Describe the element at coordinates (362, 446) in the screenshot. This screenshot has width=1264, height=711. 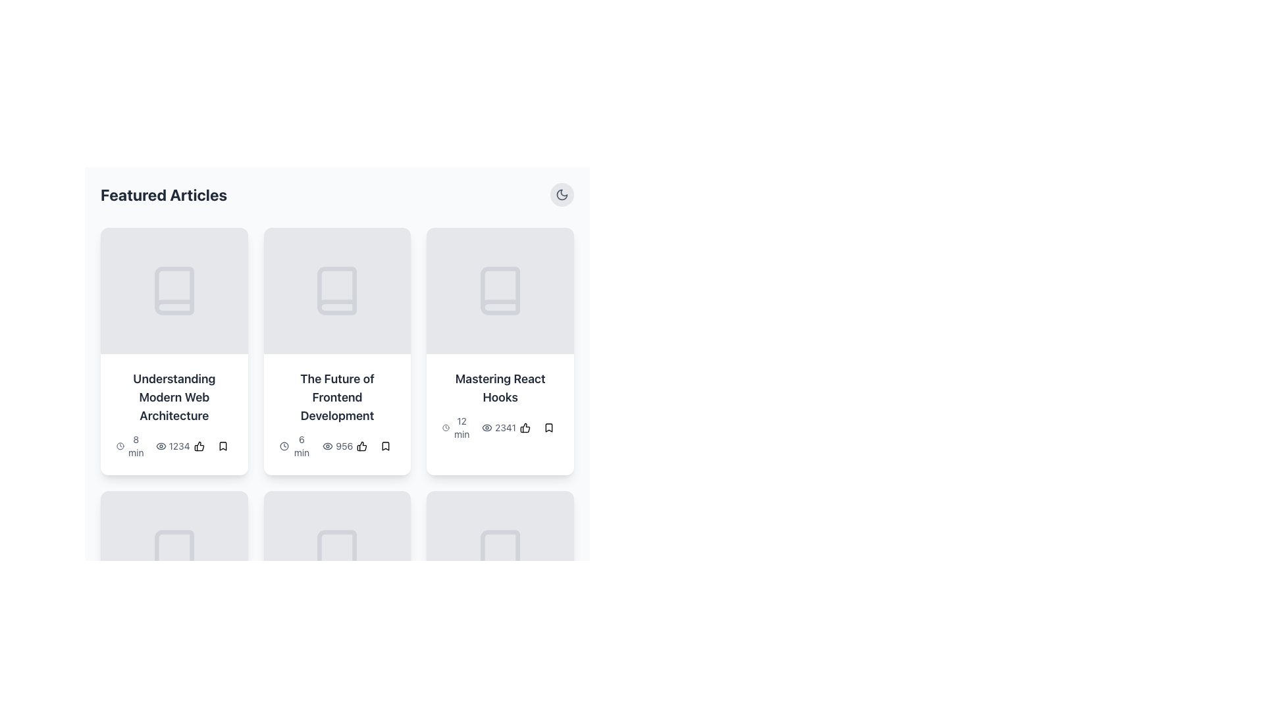
I see `the circular thumbs-up button located in the footer of the article card titled 'The Future of Frontend Development', to the right of the view count label displaying '956'` at that location.